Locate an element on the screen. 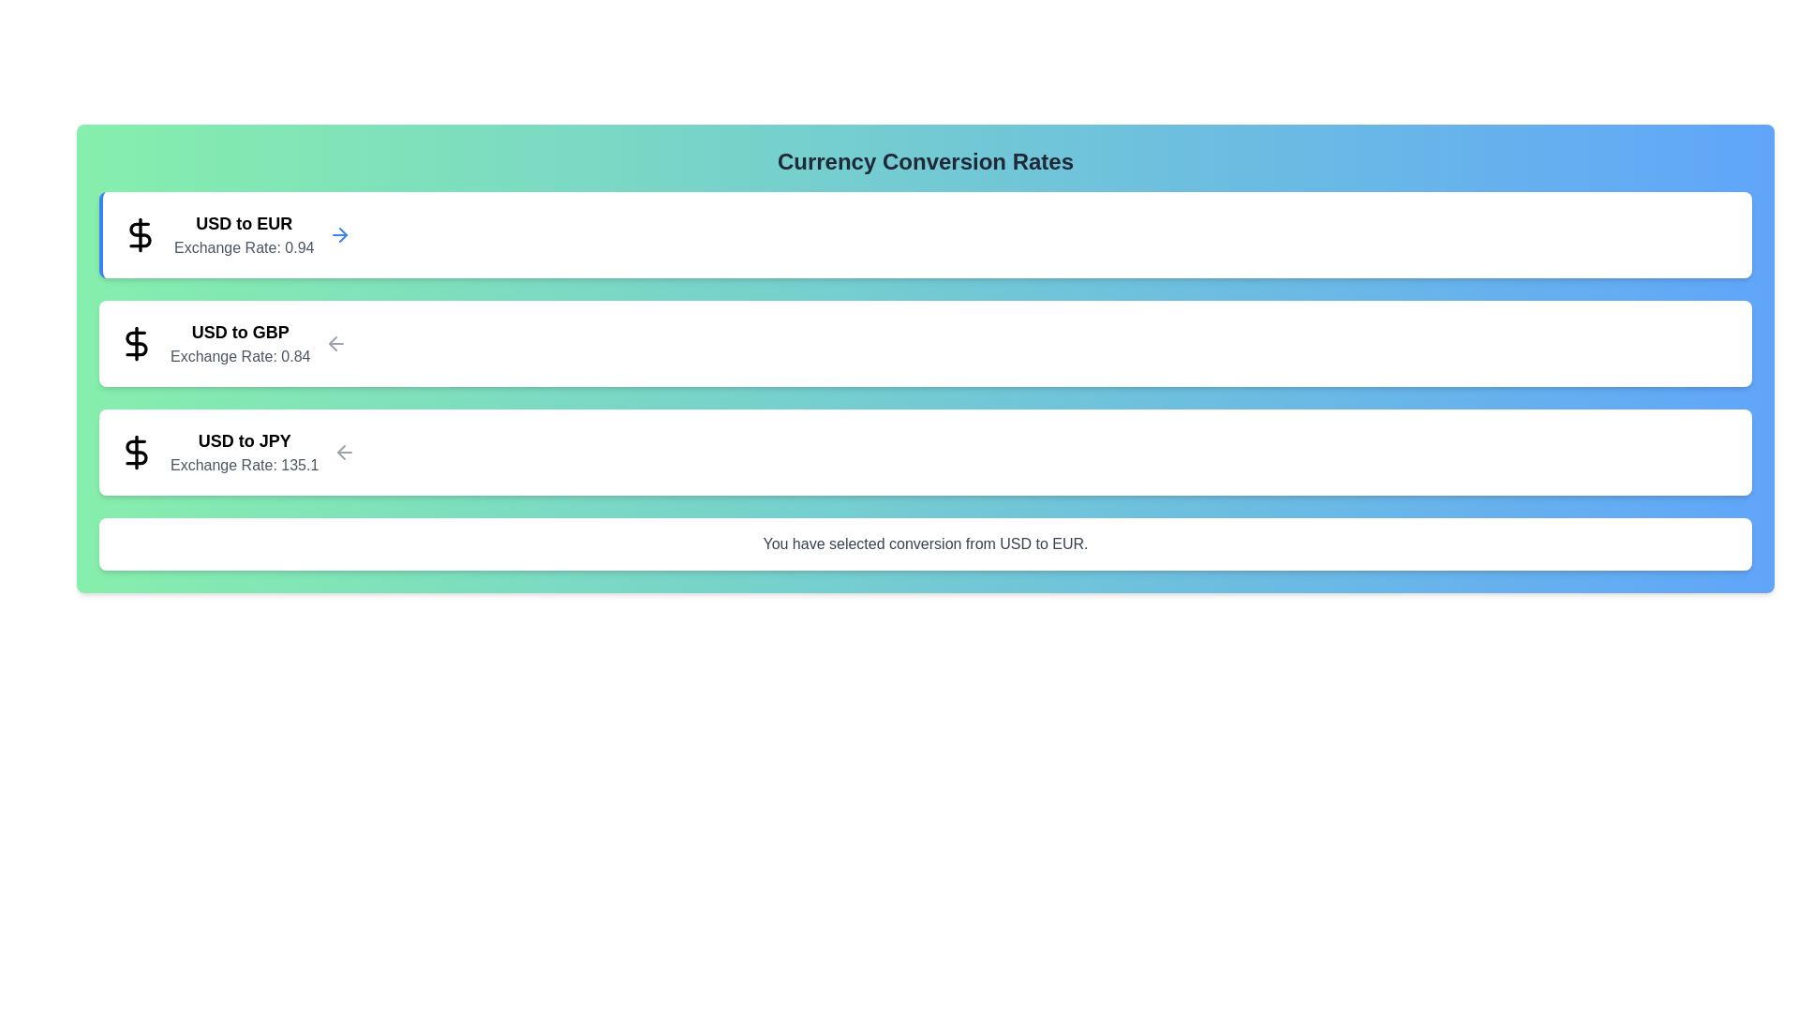 This screenshot has height=1012, width=1799. the label displaying 'USD to GBP' which shows the current exchange rate of 0.84, located in the middle card of the currency conversion rates list is located at coordinates (239, 343).